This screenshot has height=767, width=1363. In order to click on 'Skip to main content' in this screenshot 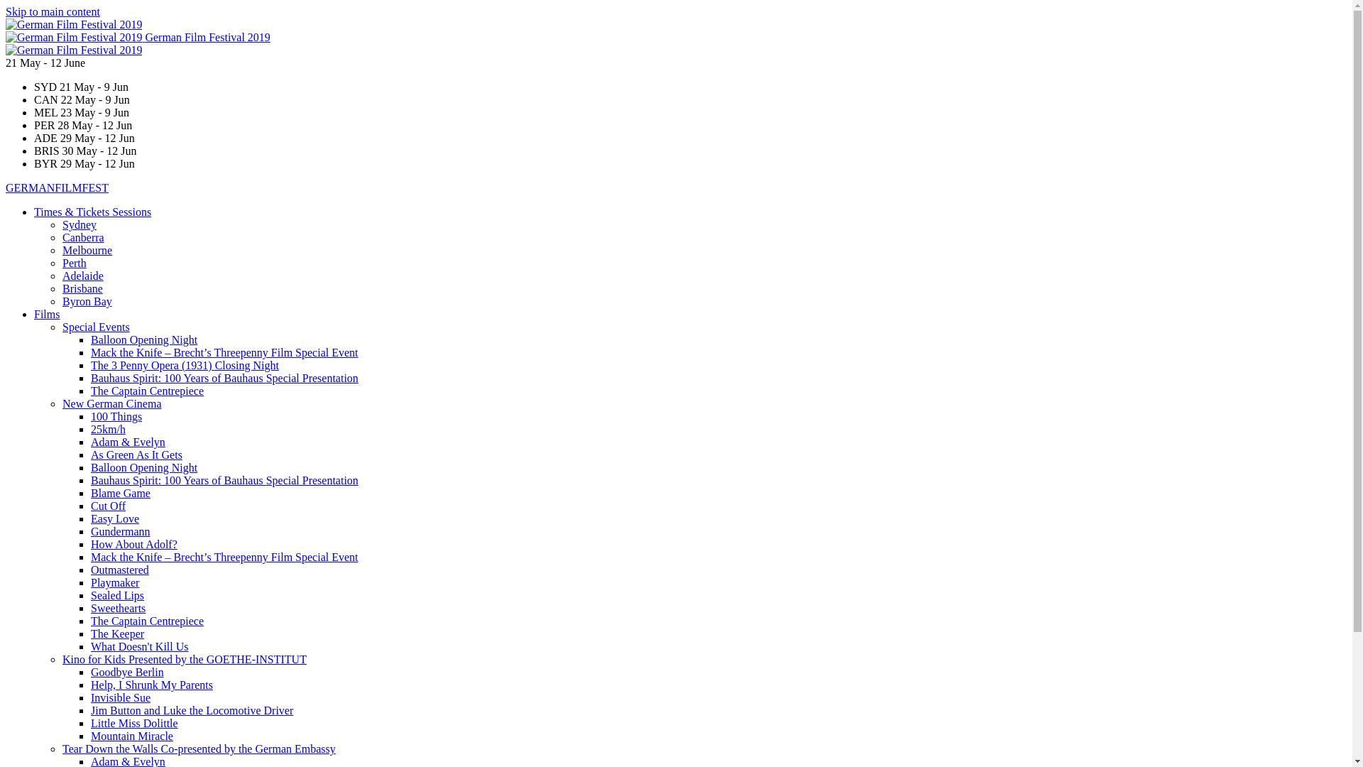, I will do `click(6, 11)`.